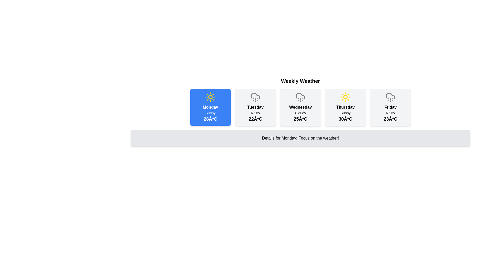  I want to click on the weather condition icon for 'Tuesday', so click(255, 97).